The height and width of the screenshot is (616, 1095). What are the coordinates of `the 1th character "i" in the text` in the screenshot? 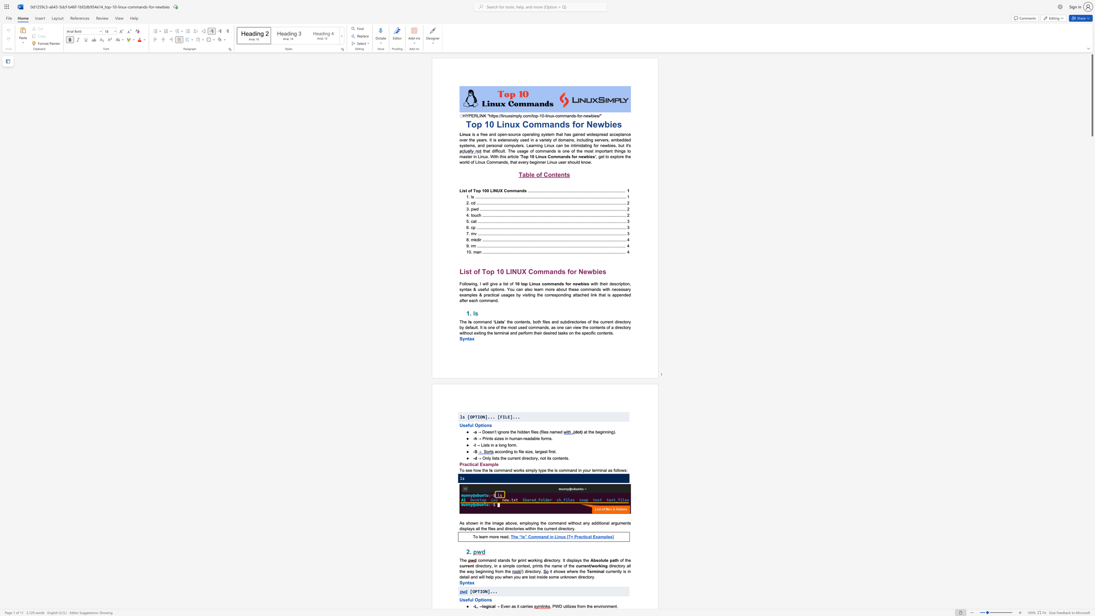 It's located at (550, 571).